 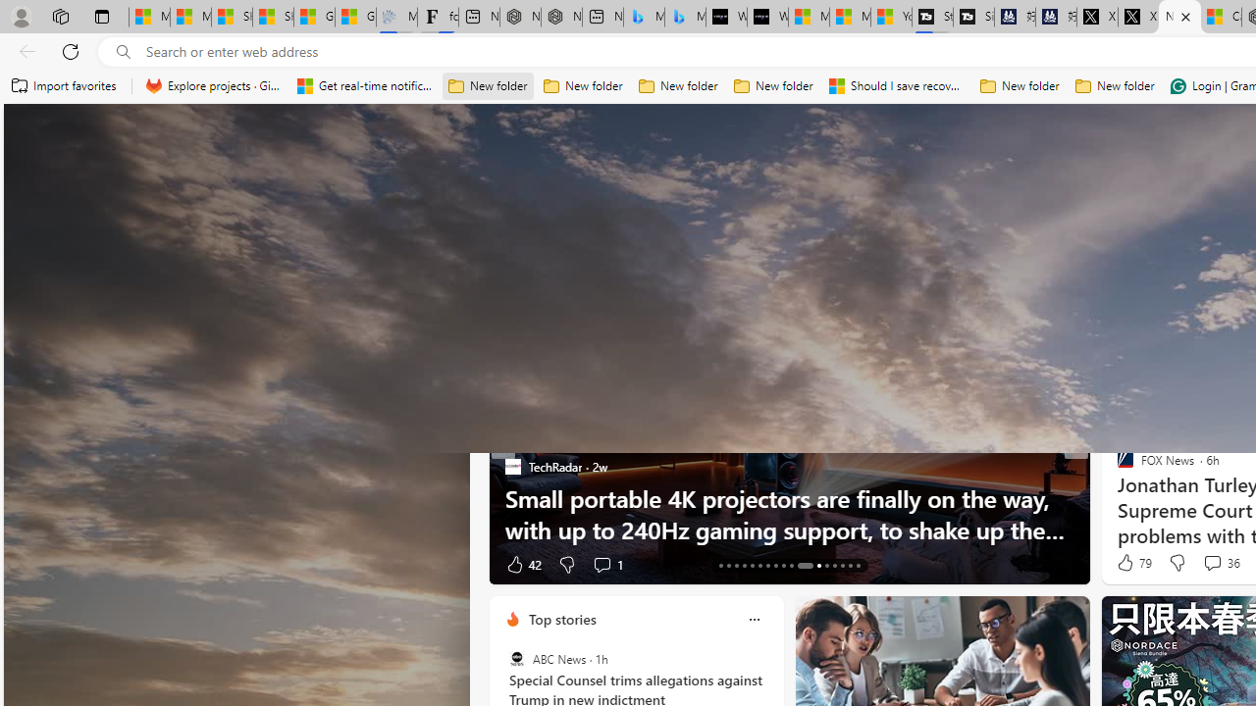 What do you see at coordinates (766, 17) in the screenshot?
I see `'What'` at bounding box center [766, 17].